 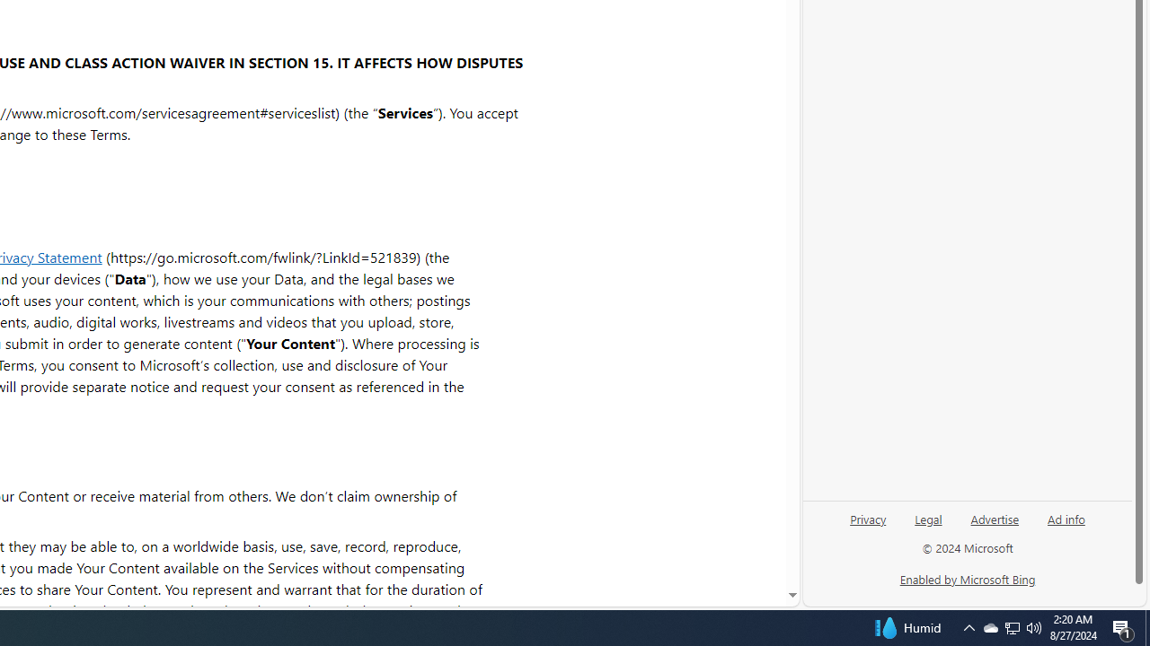 I want to click on 'Advertise', so click(x=994, y=518).